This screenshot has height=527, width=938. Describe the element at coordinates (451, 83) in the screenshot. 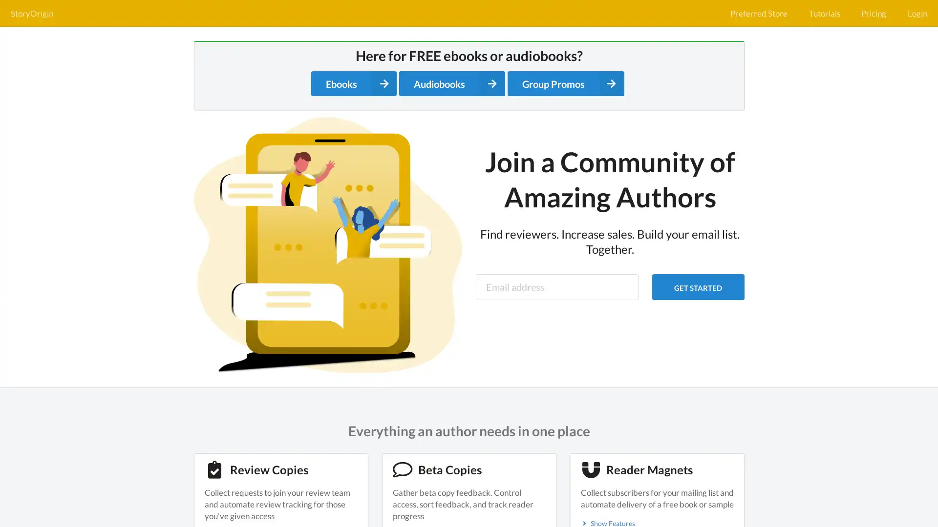

I see `Audiobooks` at that location.